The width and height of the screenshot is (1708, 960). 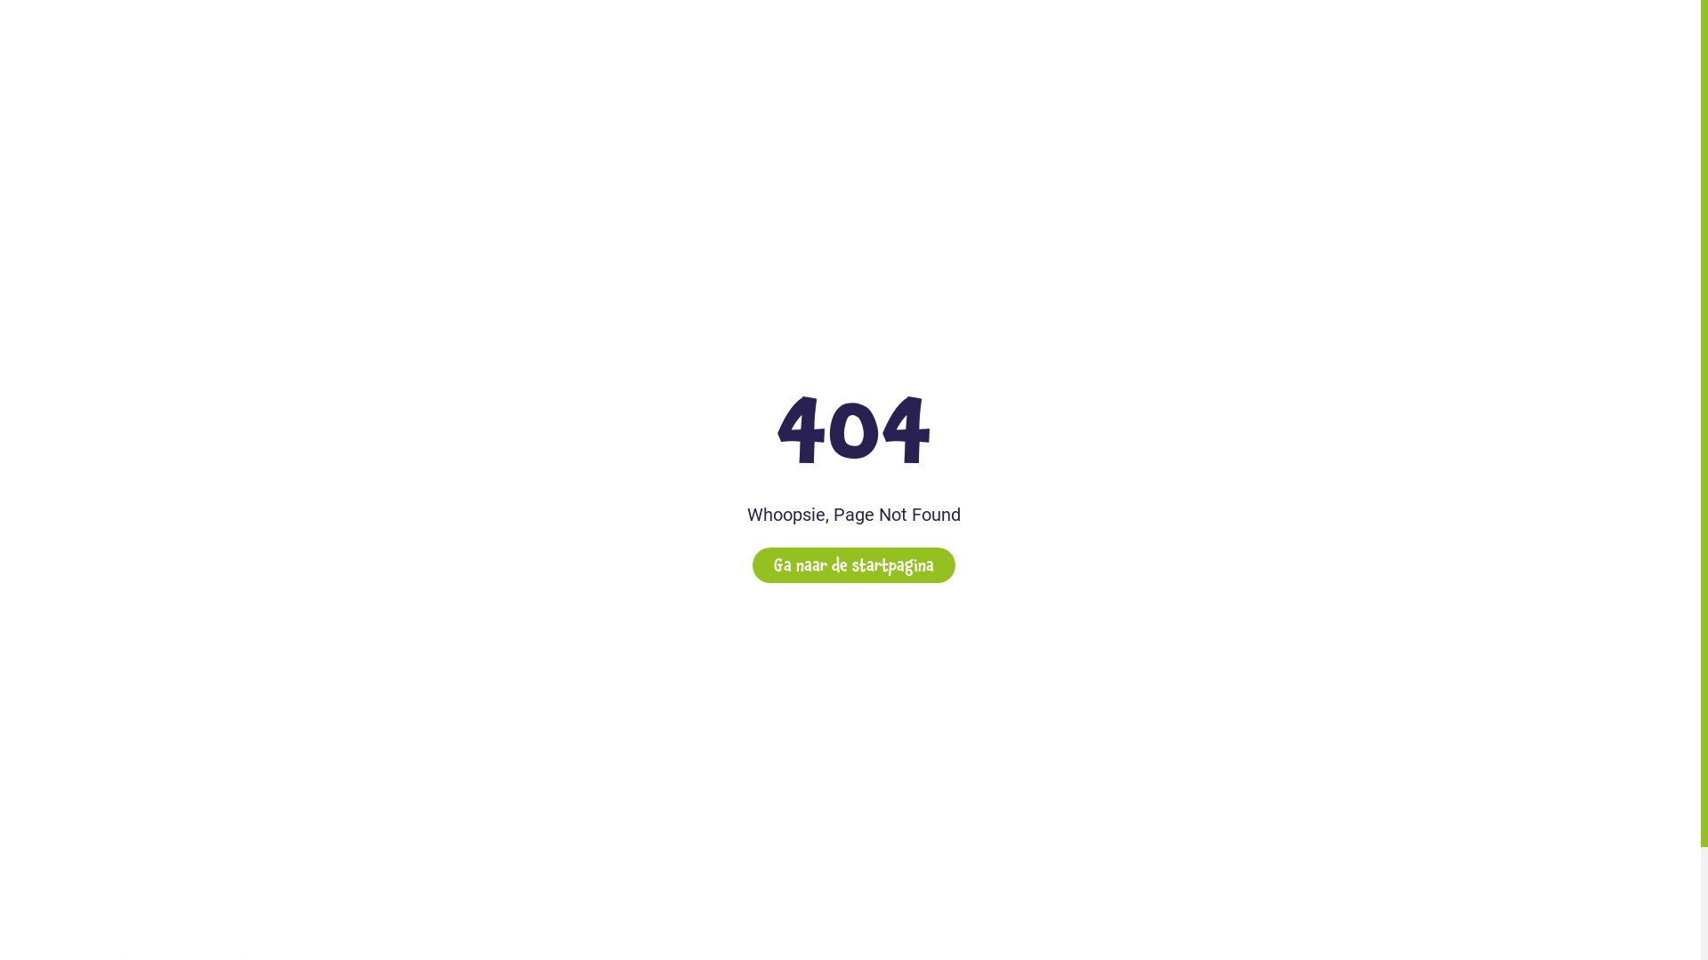 What do you see at coordinates (854, 565) in the screenshot?
I see `'Ga naar de startpagina'` at bounding box center [854, 565].